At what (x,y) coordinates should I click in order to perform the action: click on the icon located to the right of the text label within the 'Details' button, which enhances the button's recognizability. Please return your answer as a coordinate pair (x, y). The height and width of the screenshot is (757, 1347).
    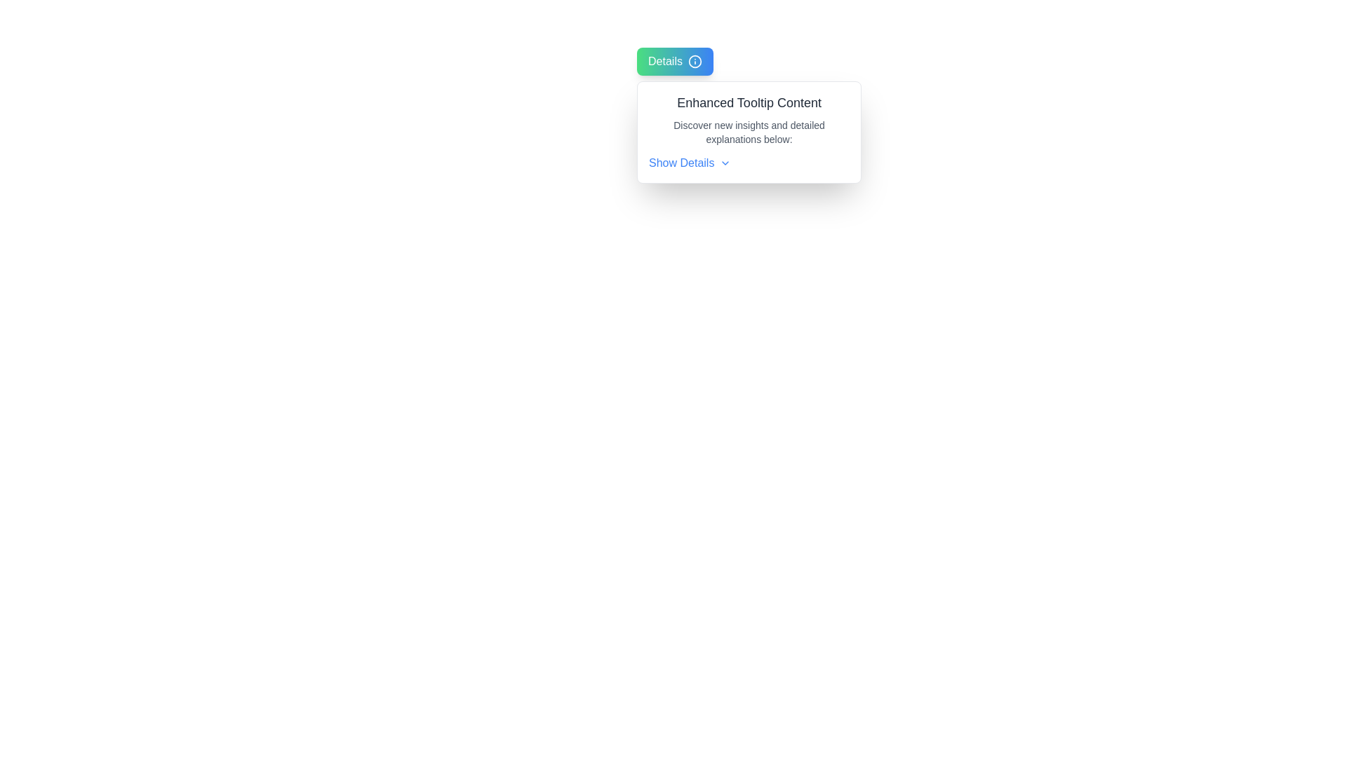
    Looking at the image, I should click on (695, 61).